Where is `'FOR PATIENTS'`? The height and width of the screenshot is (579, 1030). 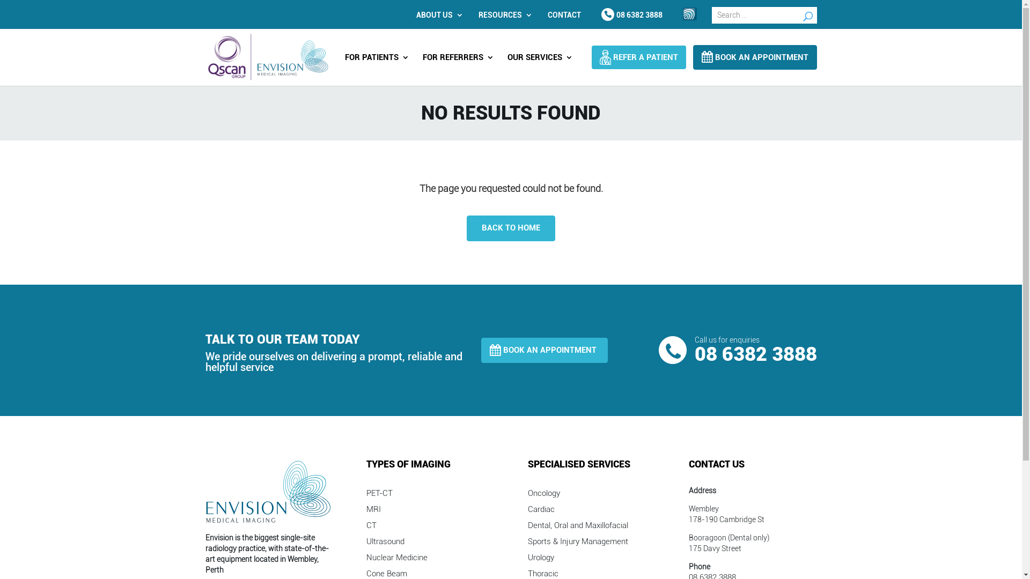 'FOR PATIENTS' is located at coordinates (376, 61).